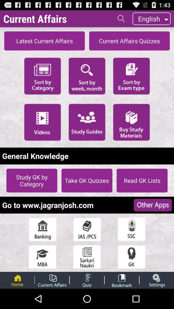  I want to click on sort by category, so click(42, 76).